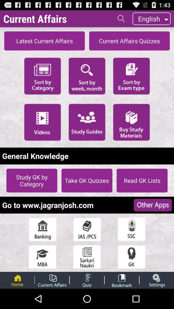  I want to click on sort by category, so click(42, 76).